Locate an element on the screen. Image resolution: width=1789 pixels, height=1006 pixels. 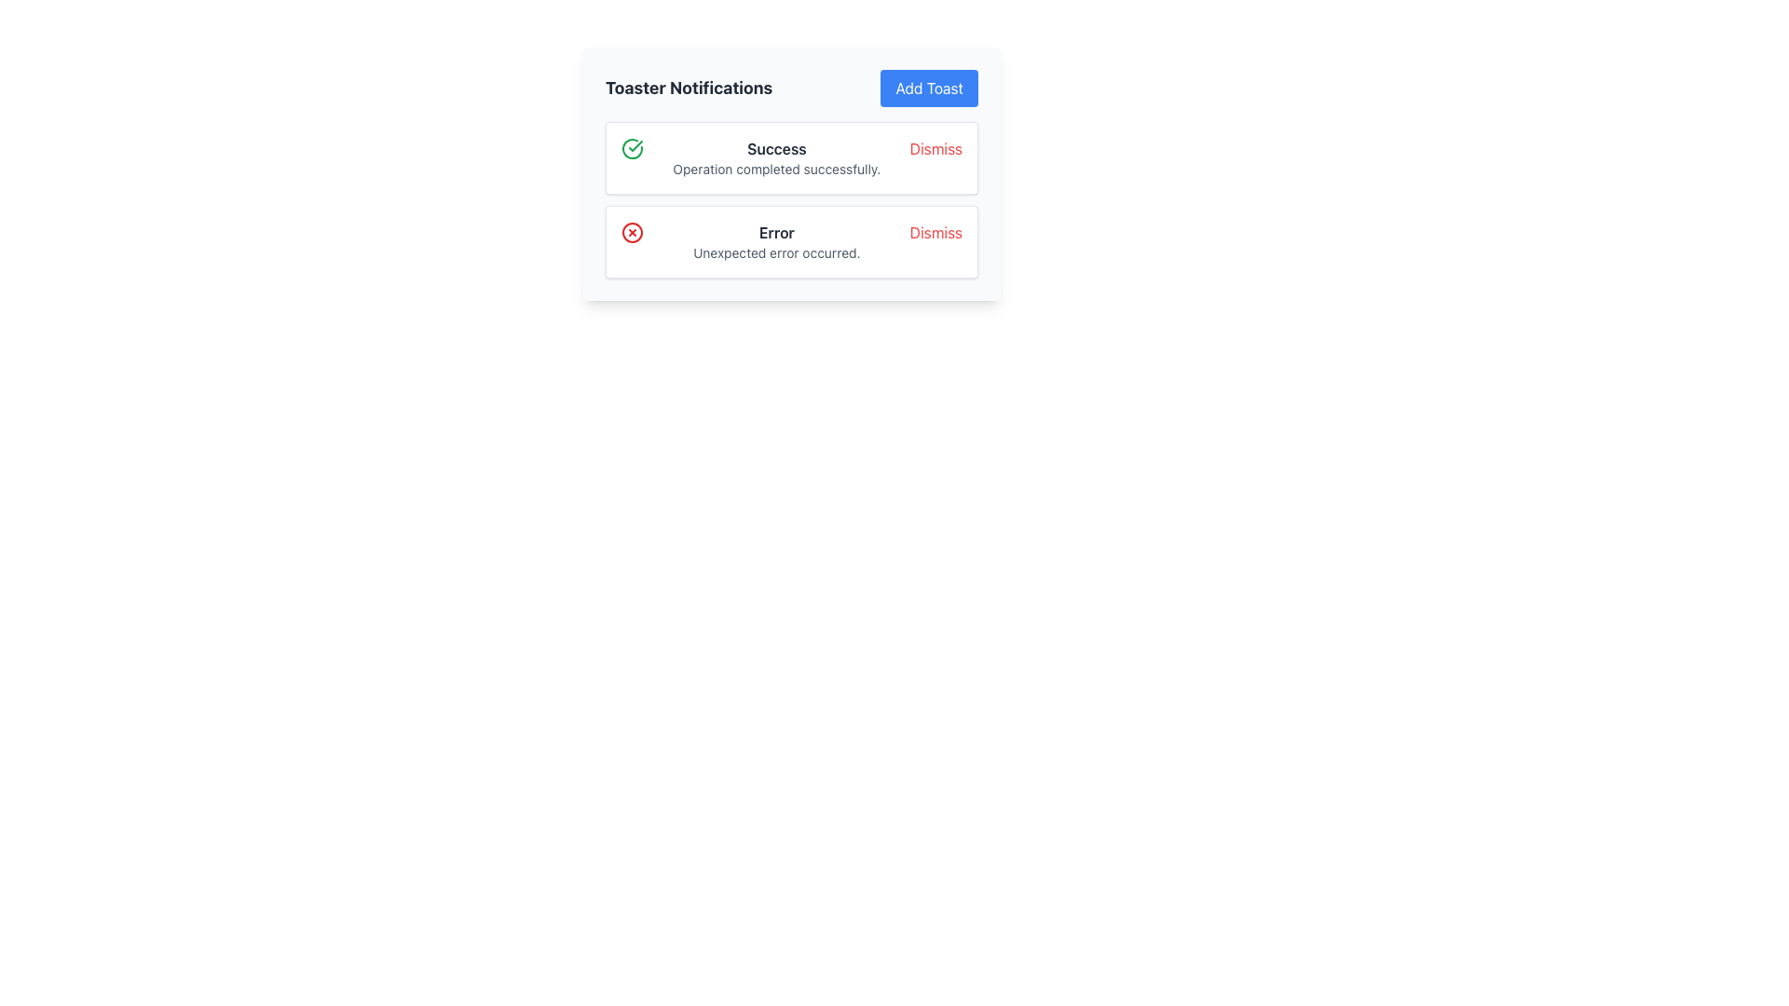
the red circular icon with a cross symbol, located to the left of the 'Error' title in the second notification row under the 'Error' label is located at coordinates (632, 232).